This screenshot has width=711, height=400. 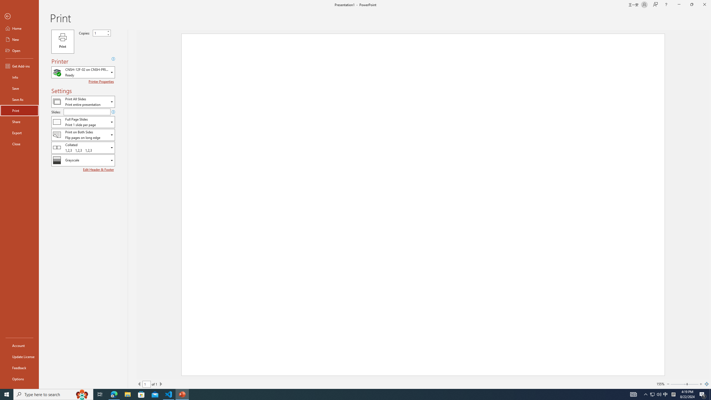 I want to click on 'Two-Sided Printing', so click(x=83, y=135).